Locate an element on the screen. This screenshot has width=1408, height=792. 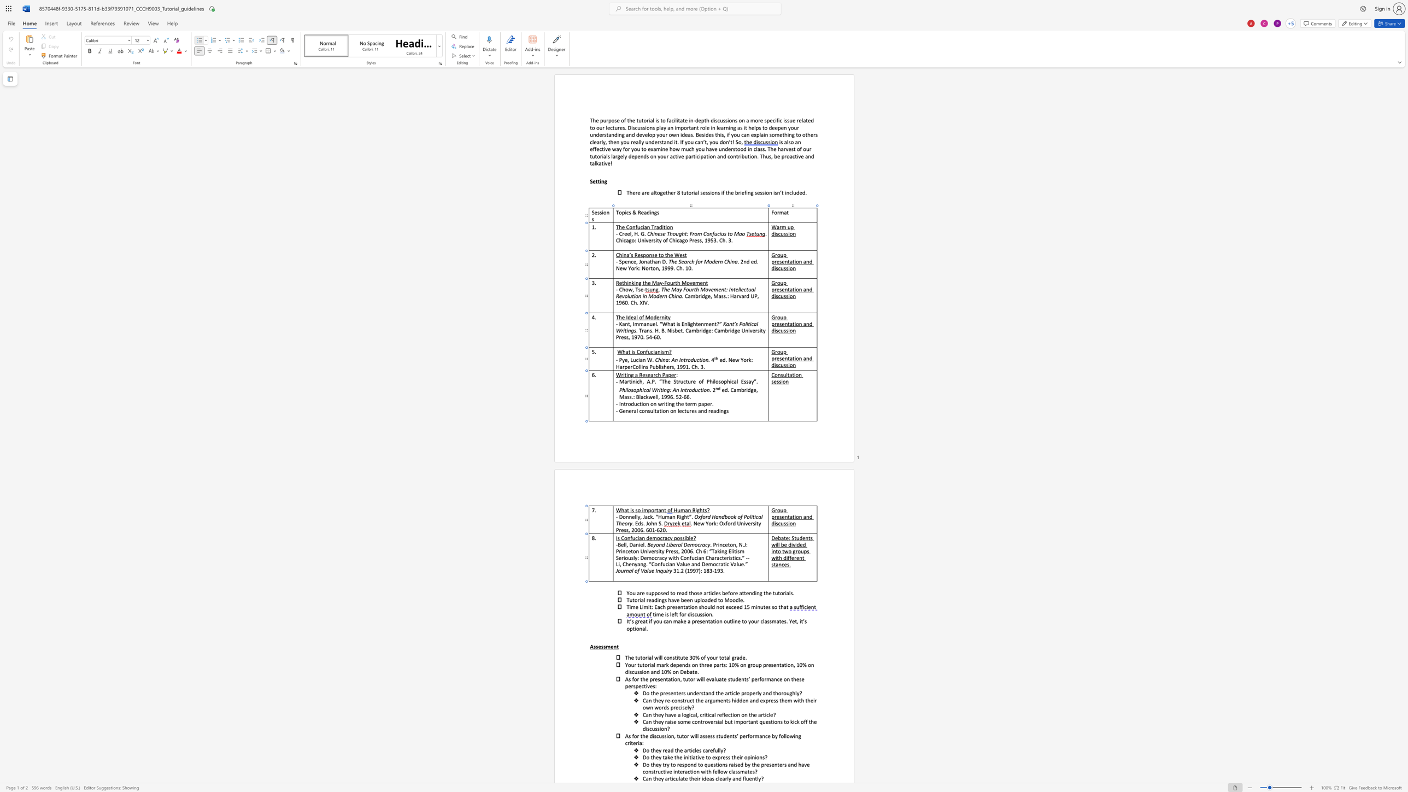
the space between the continuous character "e" and "y" in the text is located at coordinates (660, 721).